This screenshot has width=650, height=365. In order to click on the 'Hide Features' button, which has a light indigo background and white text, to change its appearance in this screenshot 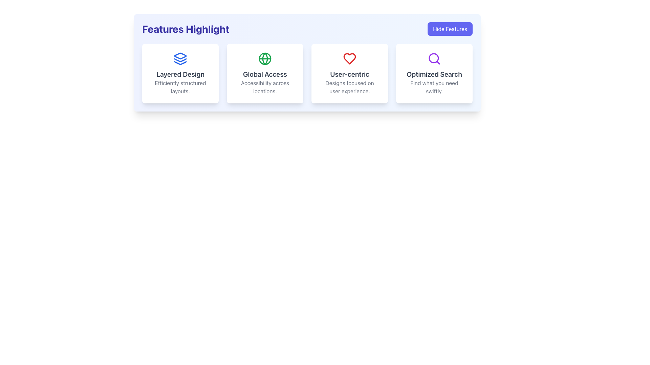, I will do `click(450, 28)`.